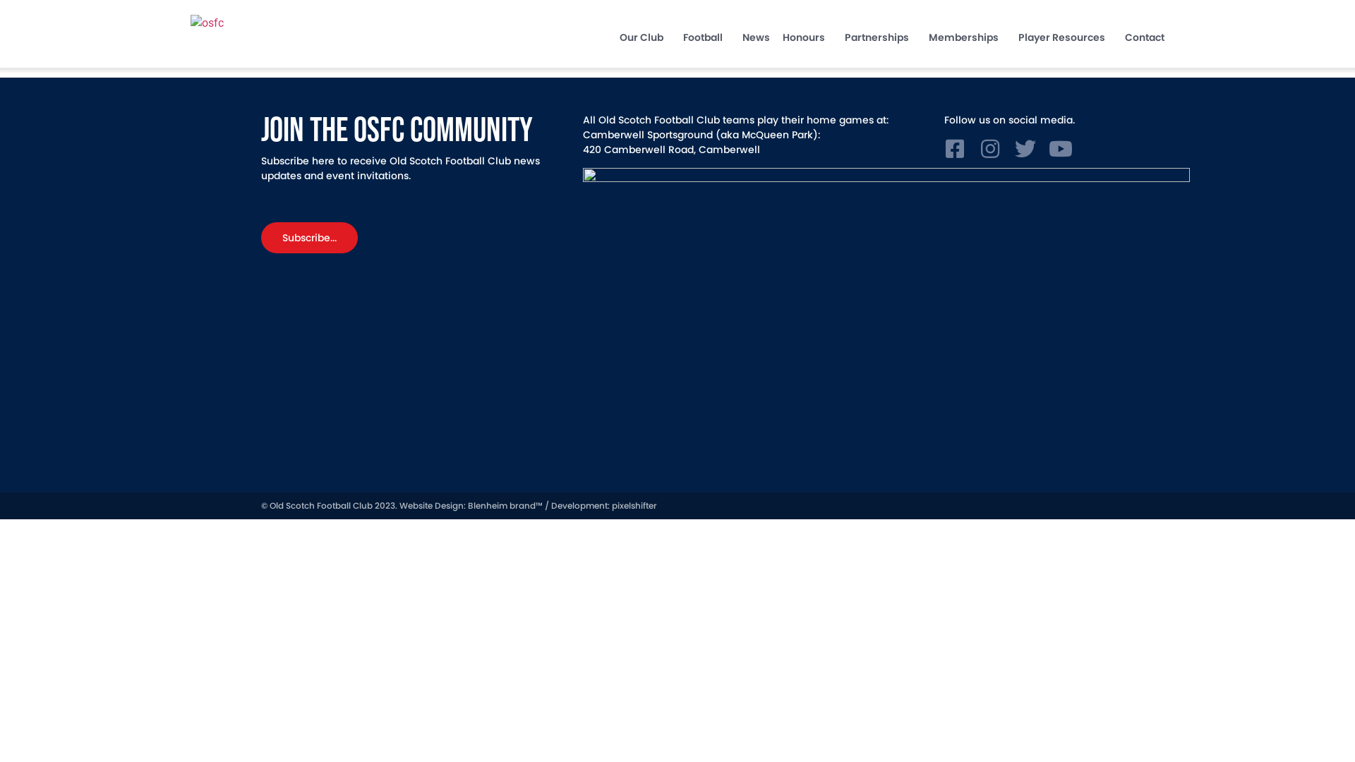  What do you see at coordinates (308, 236) in the screenshot?
I see `'Subscribe...'` at bounding box center [308, 236].